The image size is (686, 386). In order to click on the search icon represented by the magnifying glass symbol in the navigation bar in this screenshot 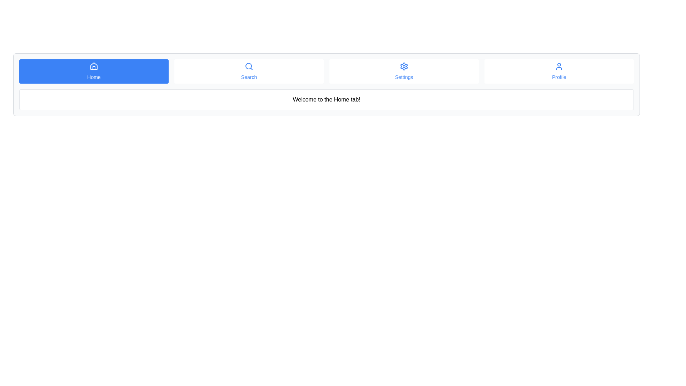, I will do `click(249, 66)`.